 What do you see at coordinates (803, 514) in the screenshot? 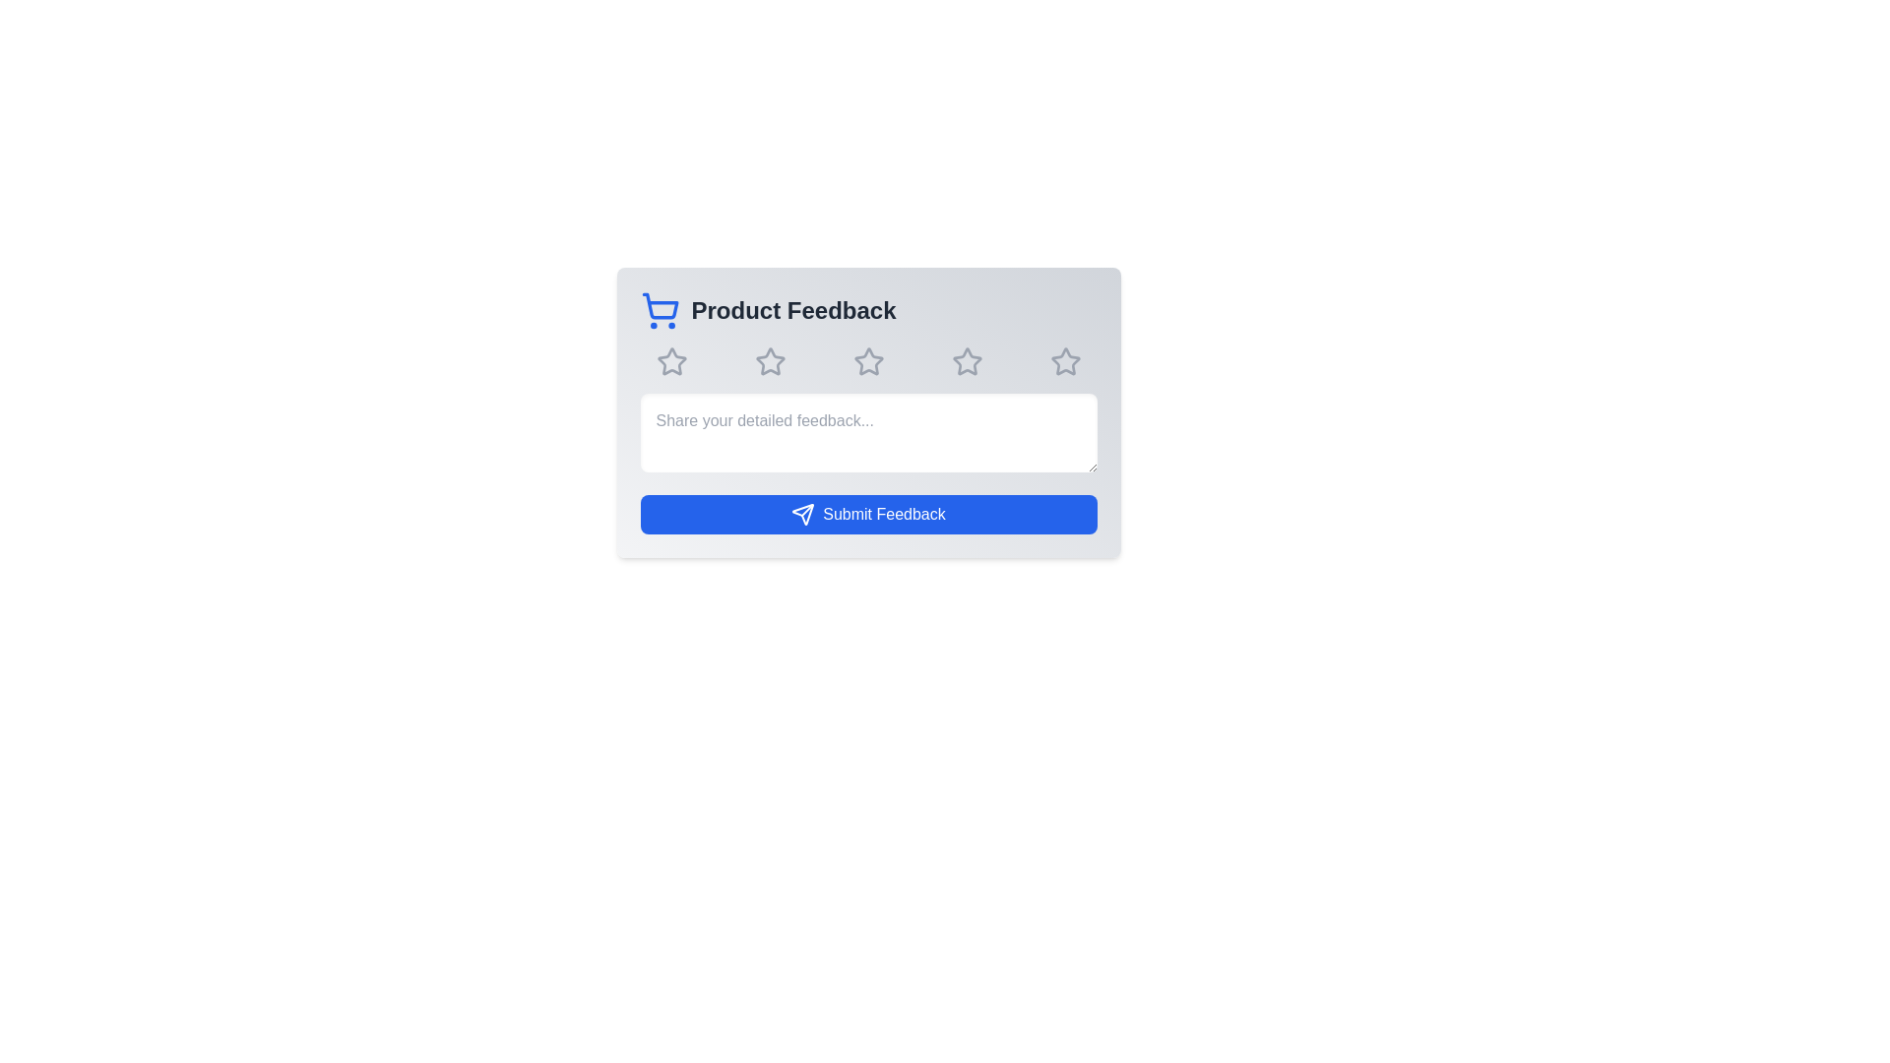
I see `the 'Submit Feedback' button which contains the graphical icon representing the action of sending or submitting feedback` at bounding box center [803, 514].